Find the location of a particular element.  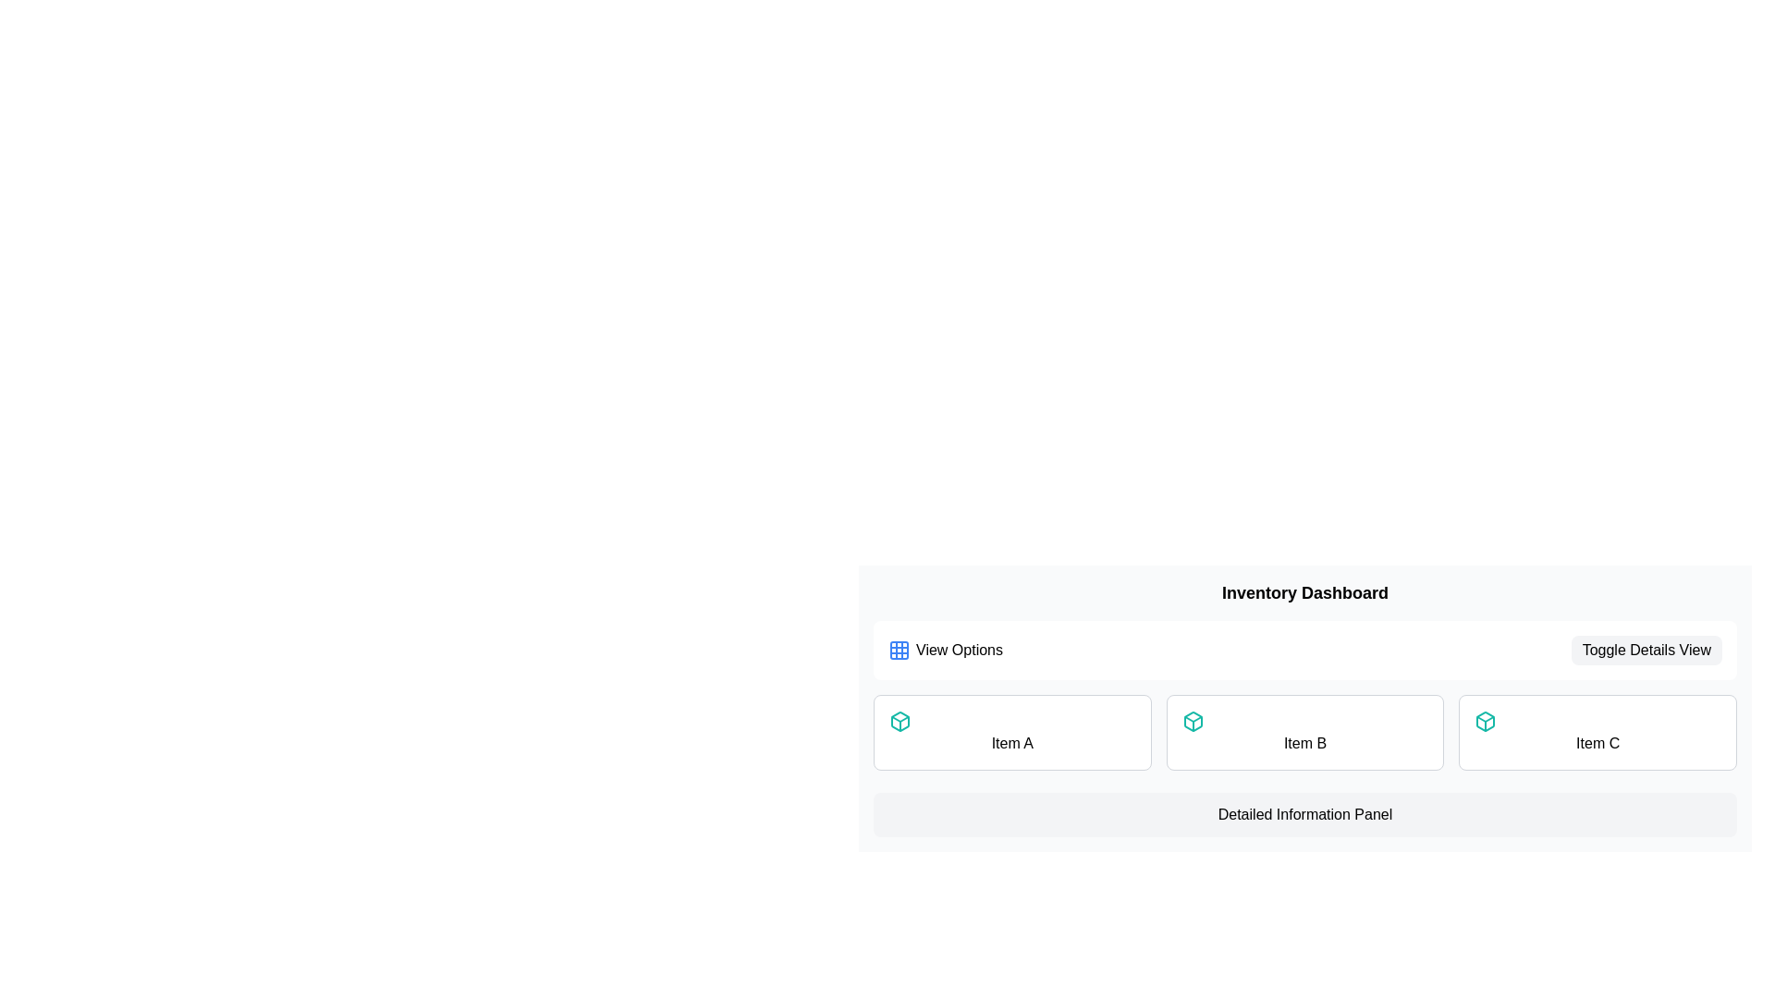

the teal-colored 3D-like box icon in the 'Item A' section of the interface is located at coordinates (1193, 720).